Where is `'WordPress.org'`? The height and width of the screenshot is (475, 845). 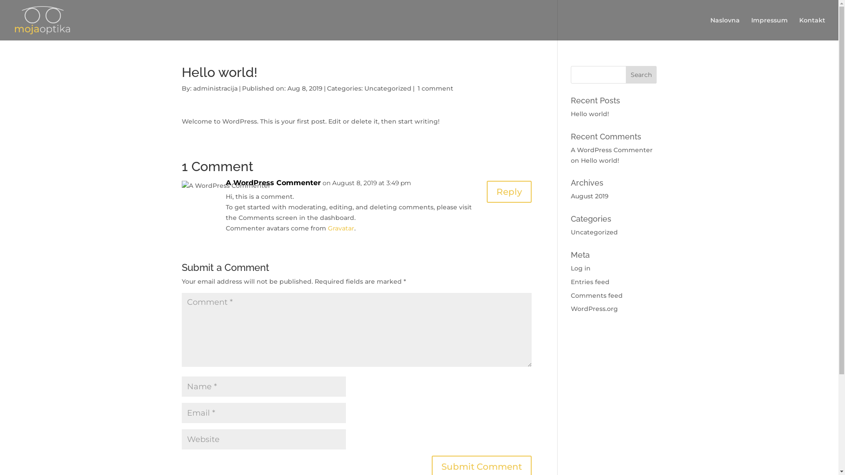 'WordPress.org' is located at coordinates (594, 308).